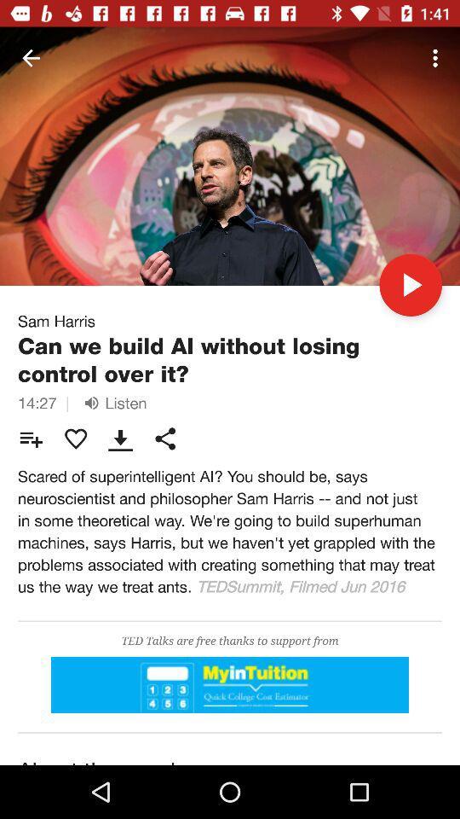  What do you see at coordinates (230, 685) in the screenshot?
I see `install` at bounding box center [230, 685].